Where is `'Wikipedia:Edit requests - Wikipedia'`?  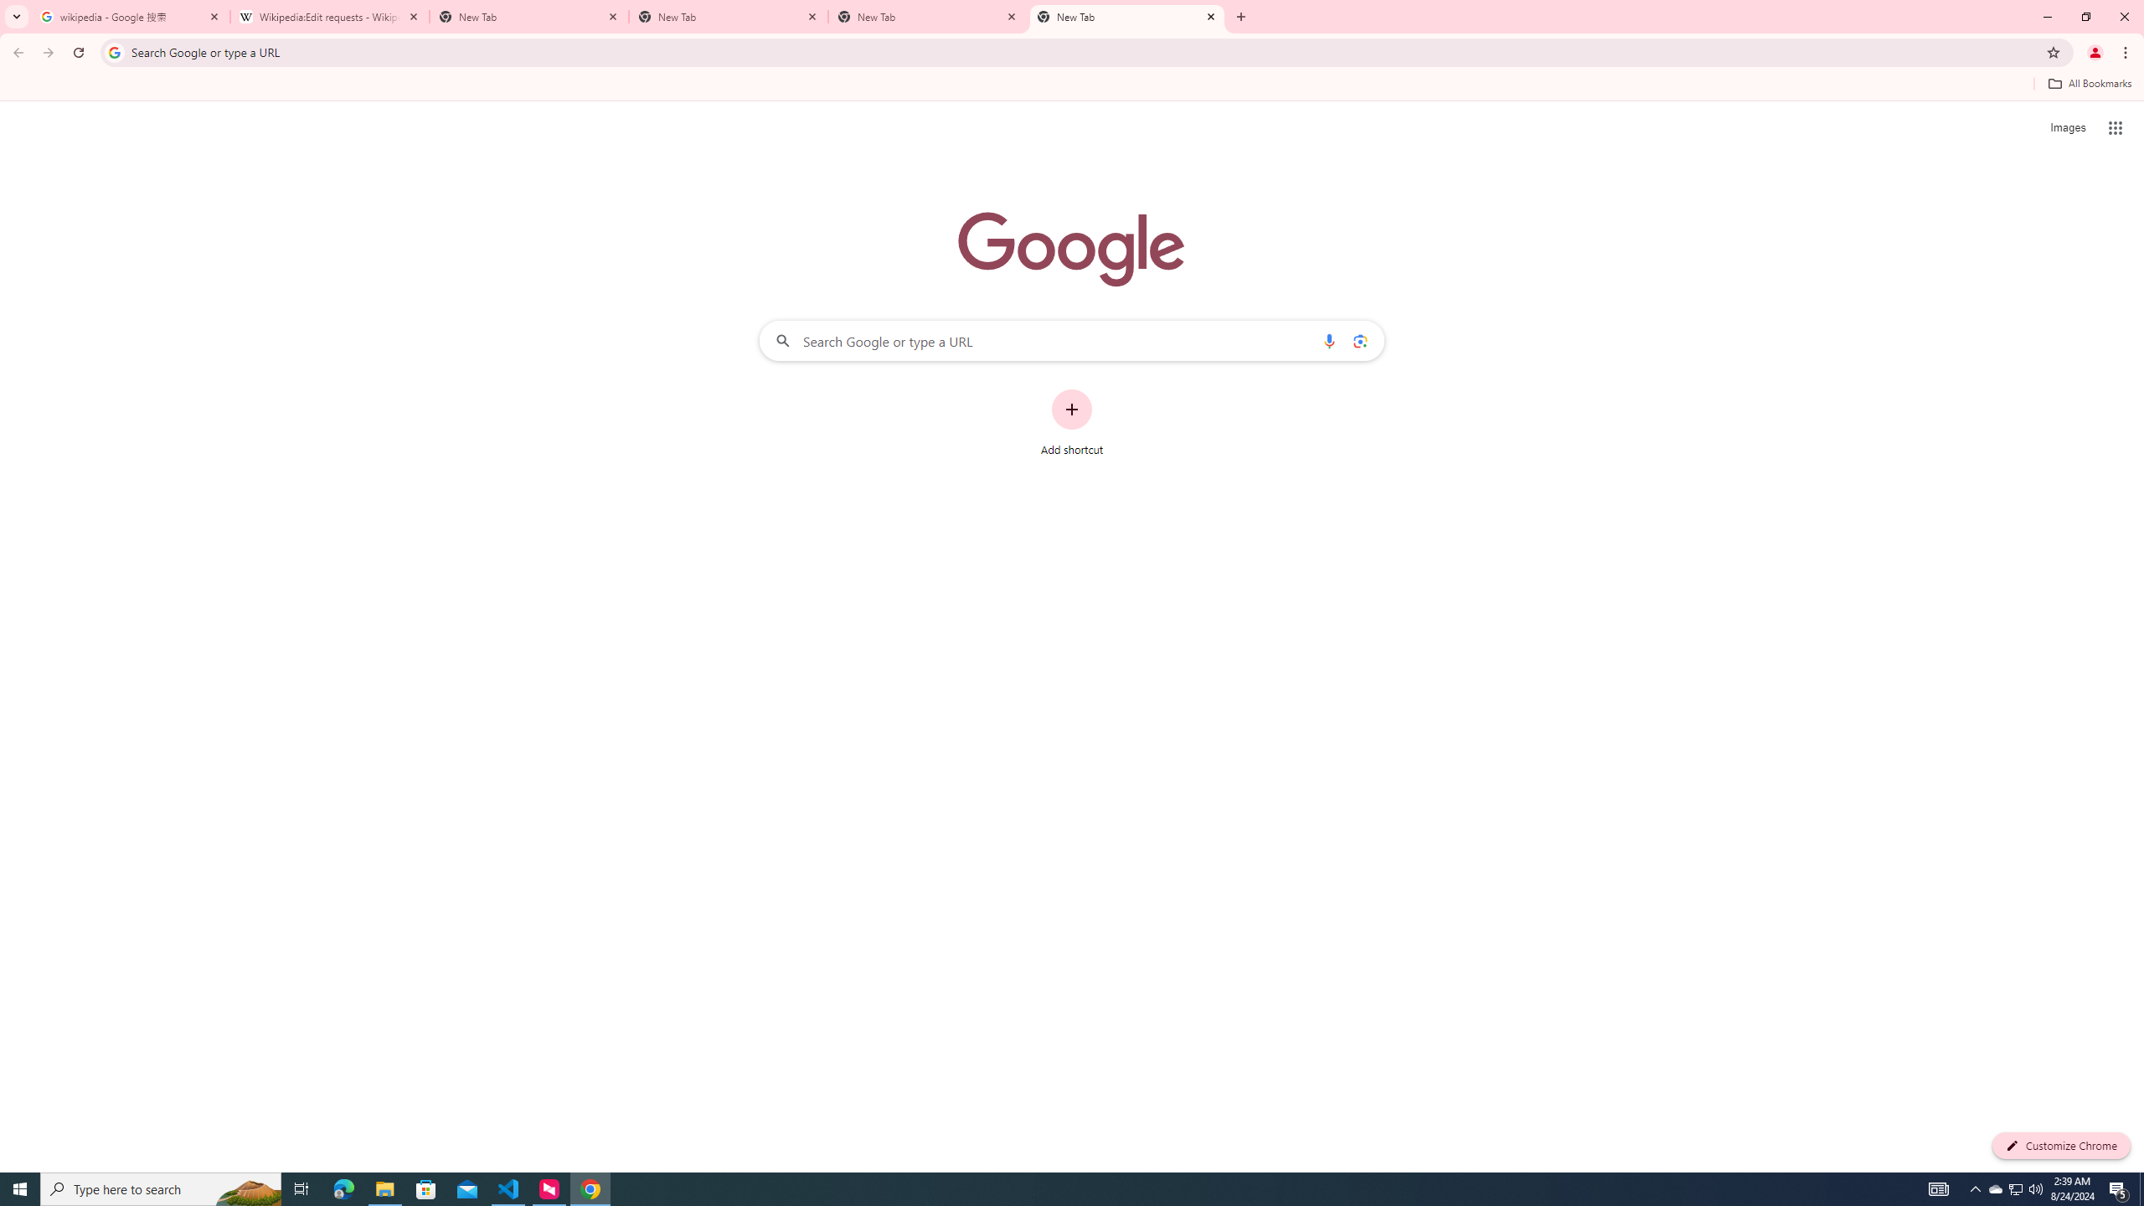
'Wikipedia:Edit requests - Wikipedia' is located at coordinates (330, 16).